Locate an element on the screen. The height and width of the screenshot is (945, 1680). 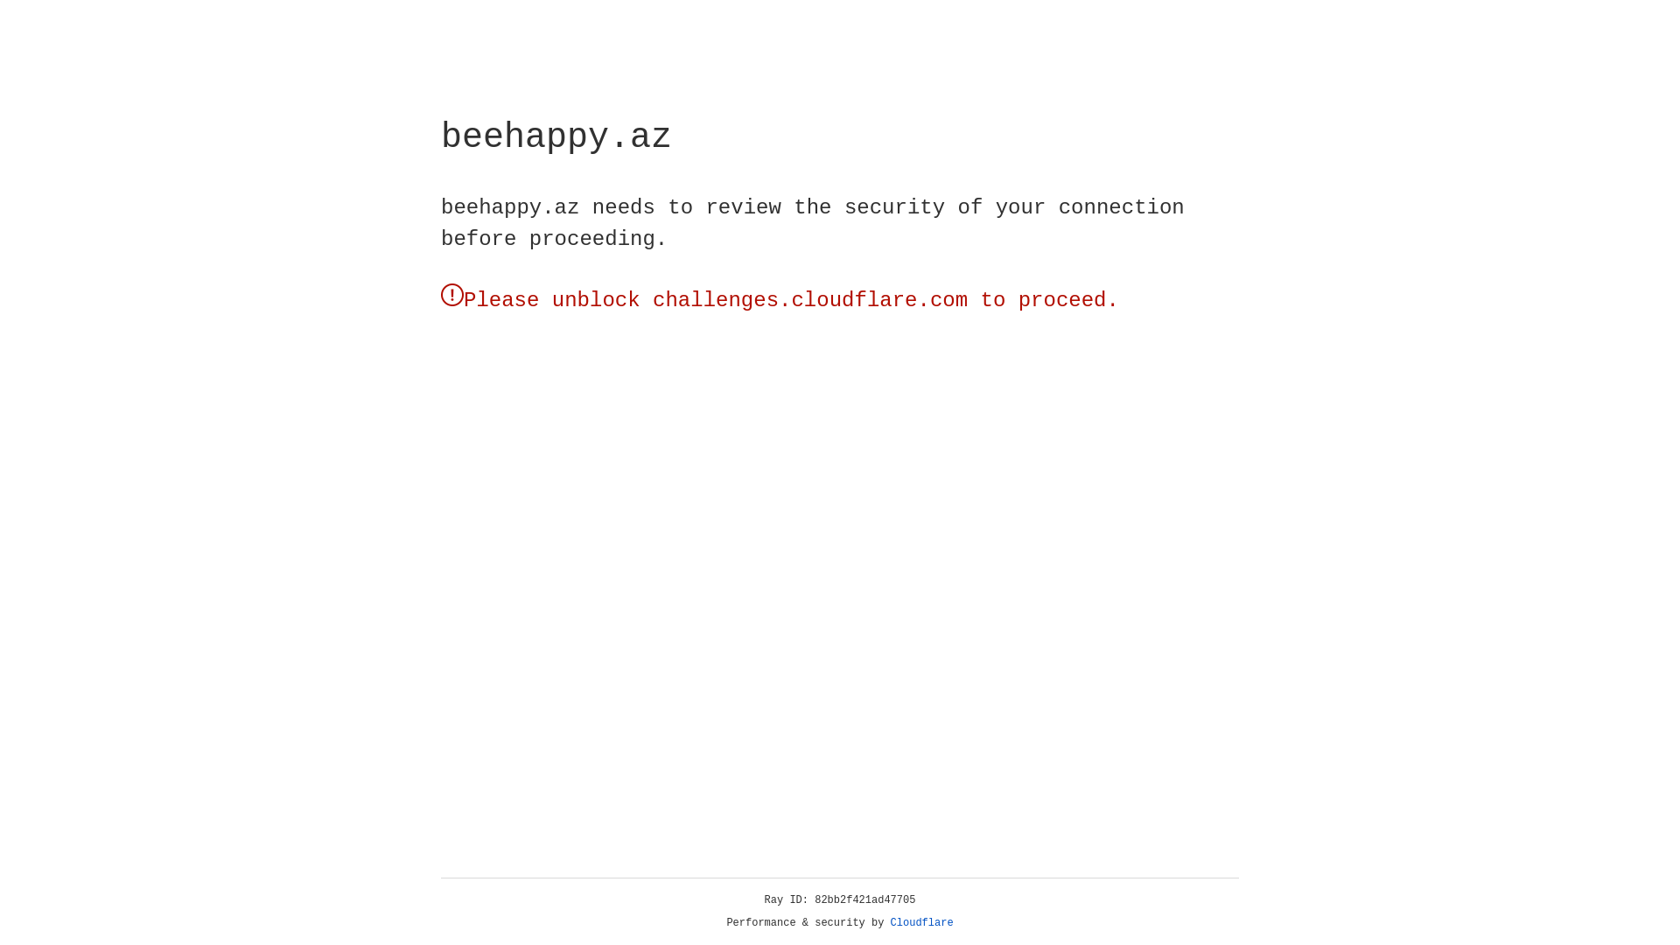
'Cloudflare' is located at coordinates (921, 922).